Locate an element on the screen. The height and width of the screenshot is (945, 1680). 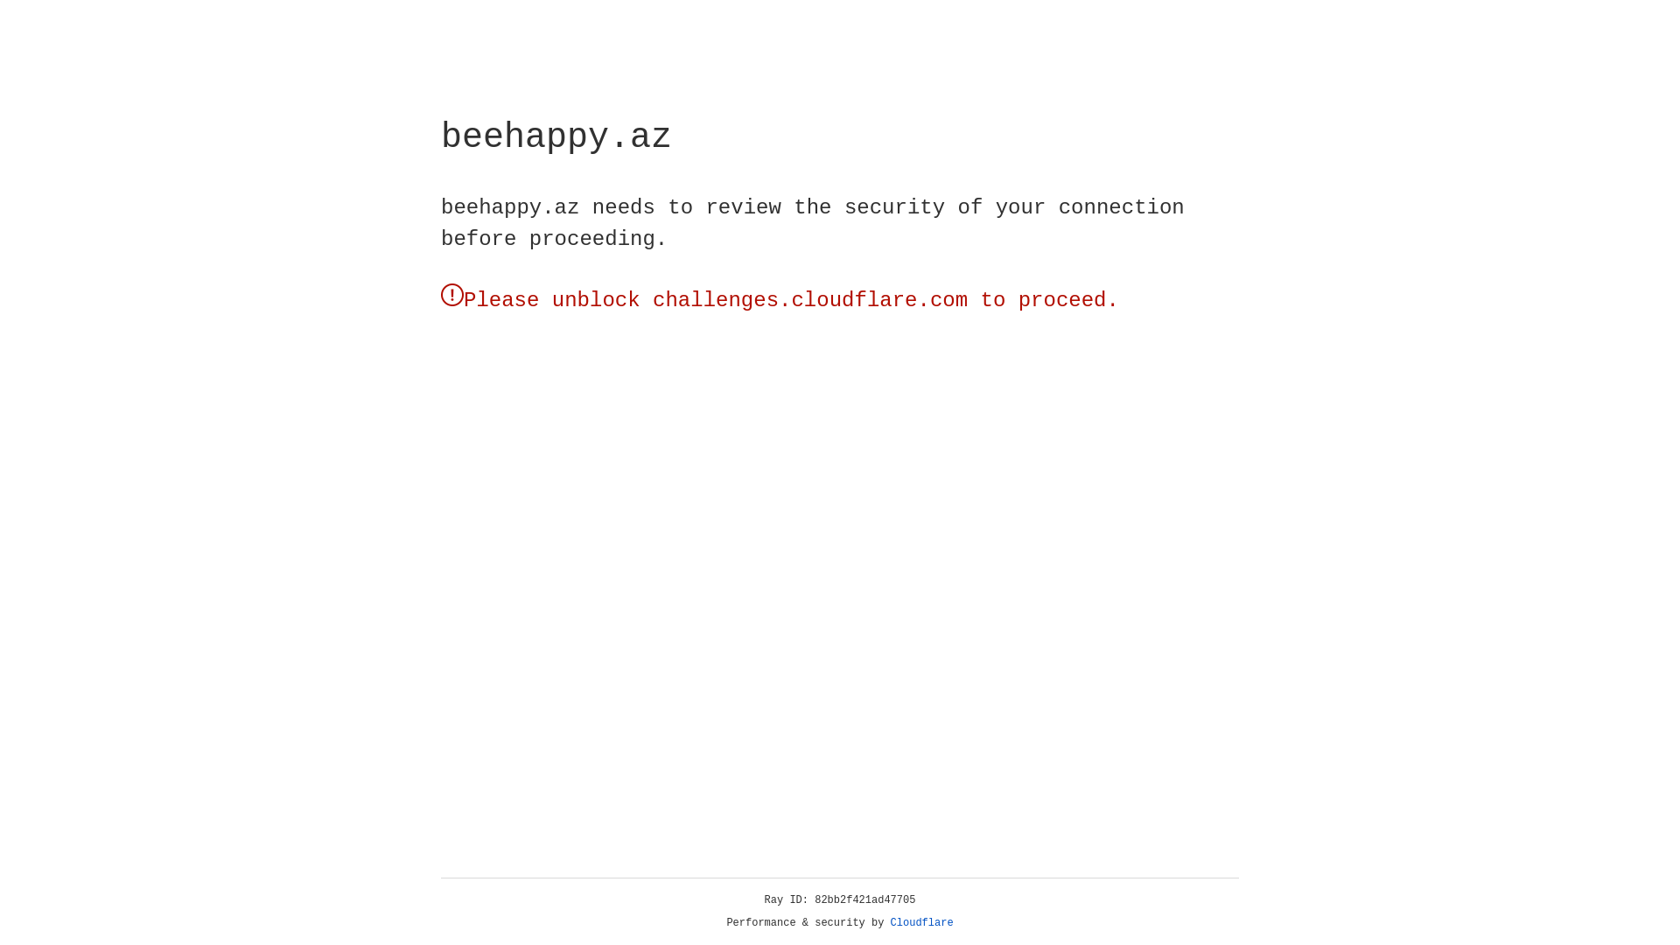
'Cloudflare' is located at coordinates (921, 922).